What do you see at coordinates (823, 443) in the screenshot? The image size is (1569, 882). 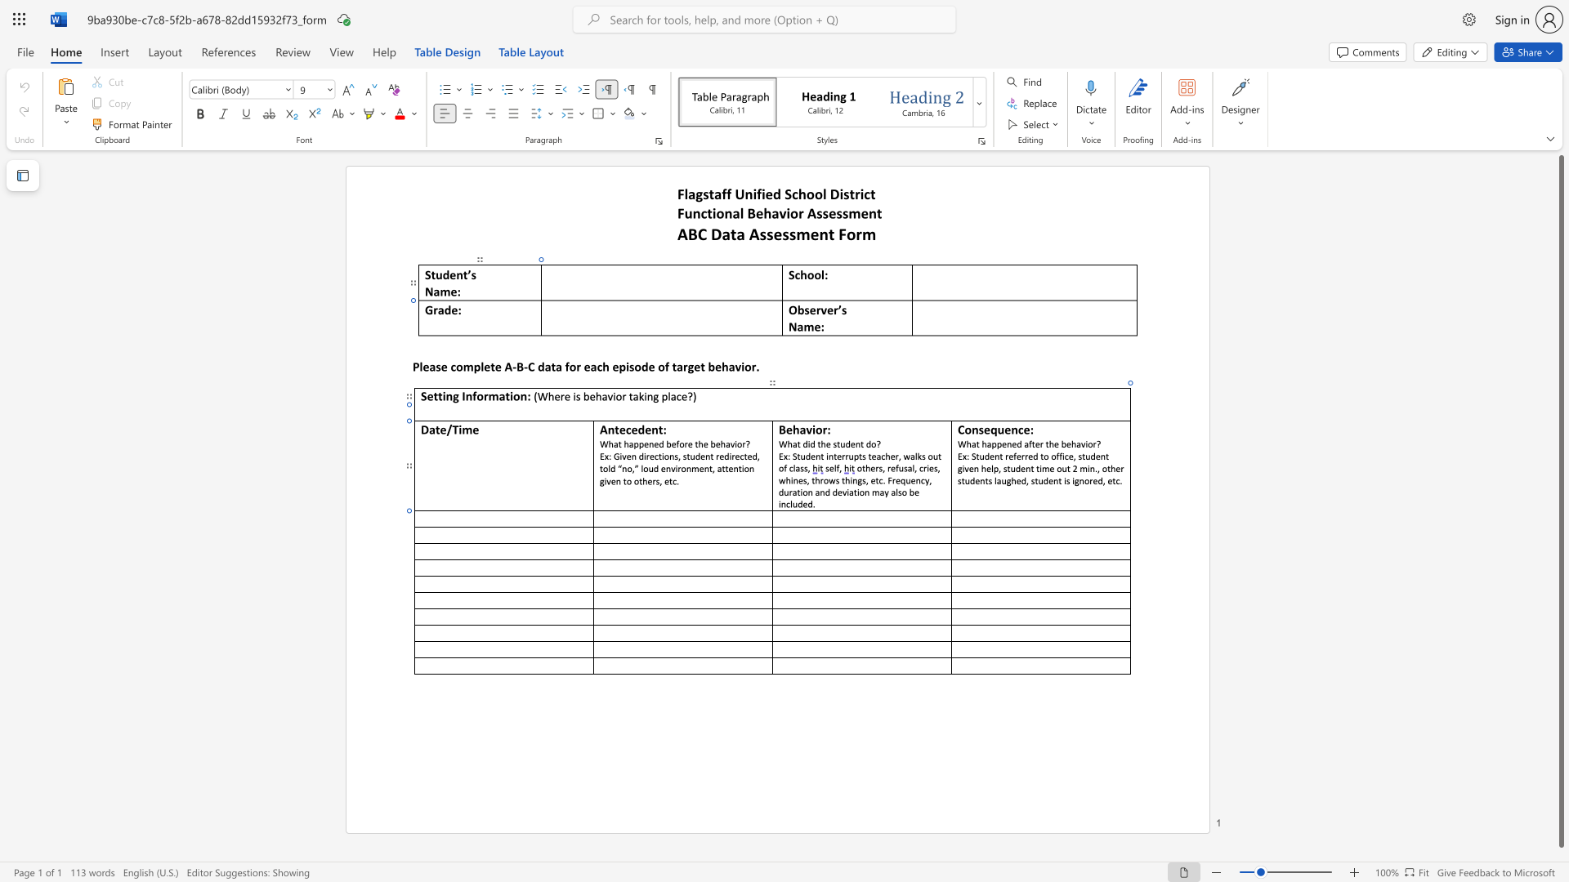 I see `the 2th character "h" in the text` at bounding box center [823, 443].